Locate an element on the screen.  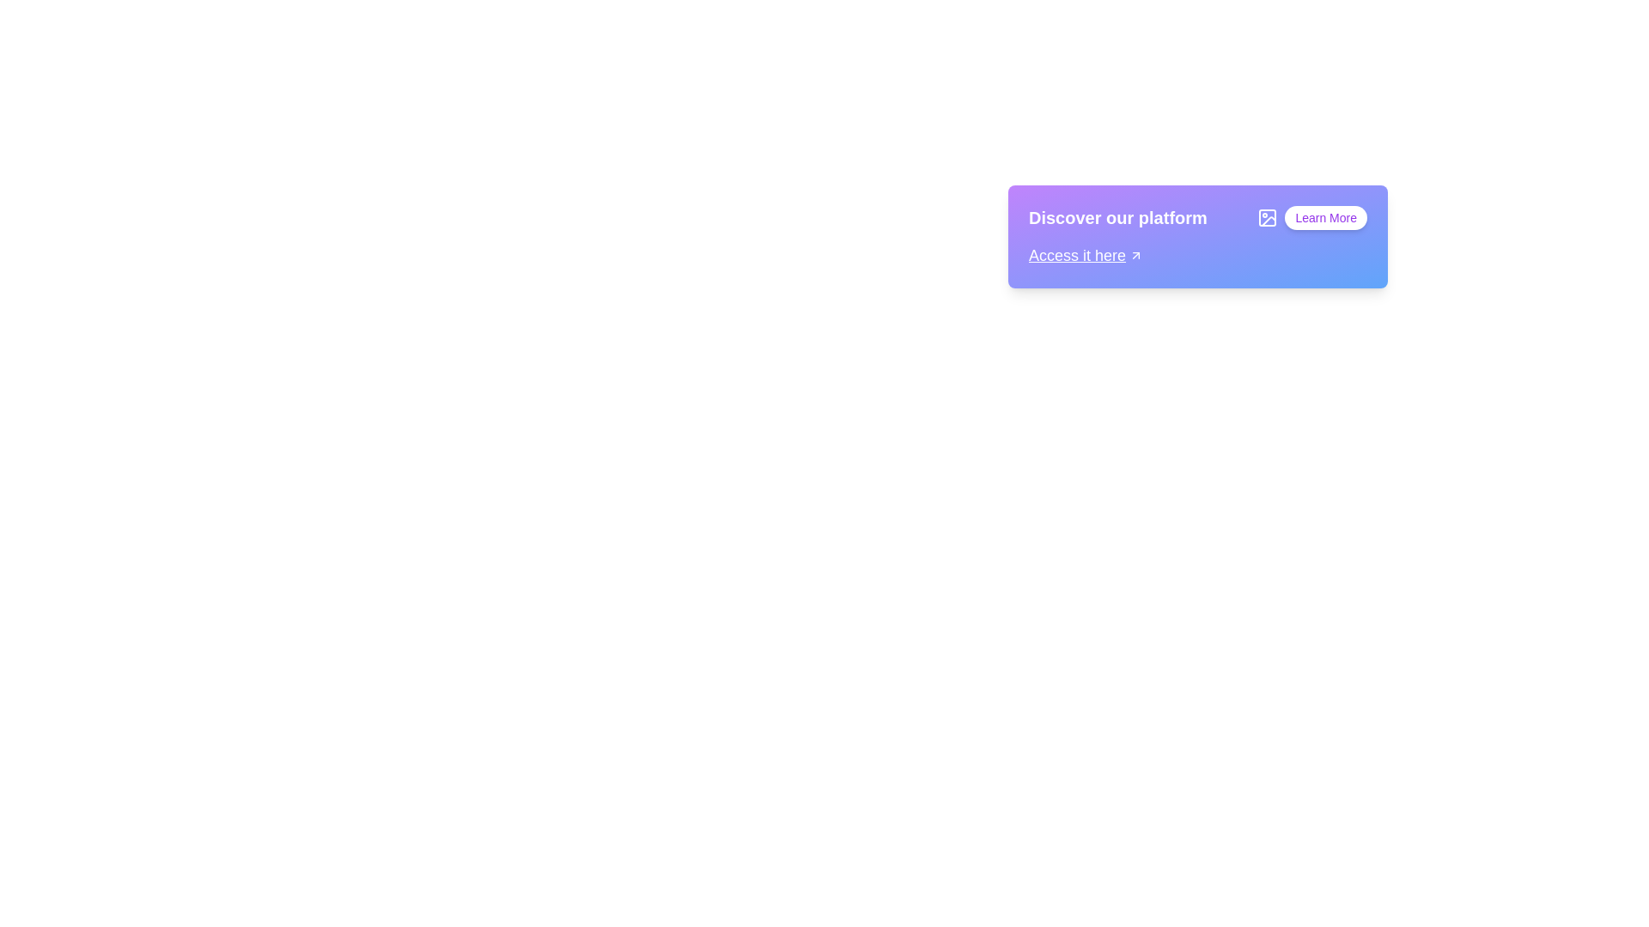
the image icon styled with a white stroke on a purple background, which is positioned to the left of the 'Learn More' text button is located at coordinates (1268, 217).